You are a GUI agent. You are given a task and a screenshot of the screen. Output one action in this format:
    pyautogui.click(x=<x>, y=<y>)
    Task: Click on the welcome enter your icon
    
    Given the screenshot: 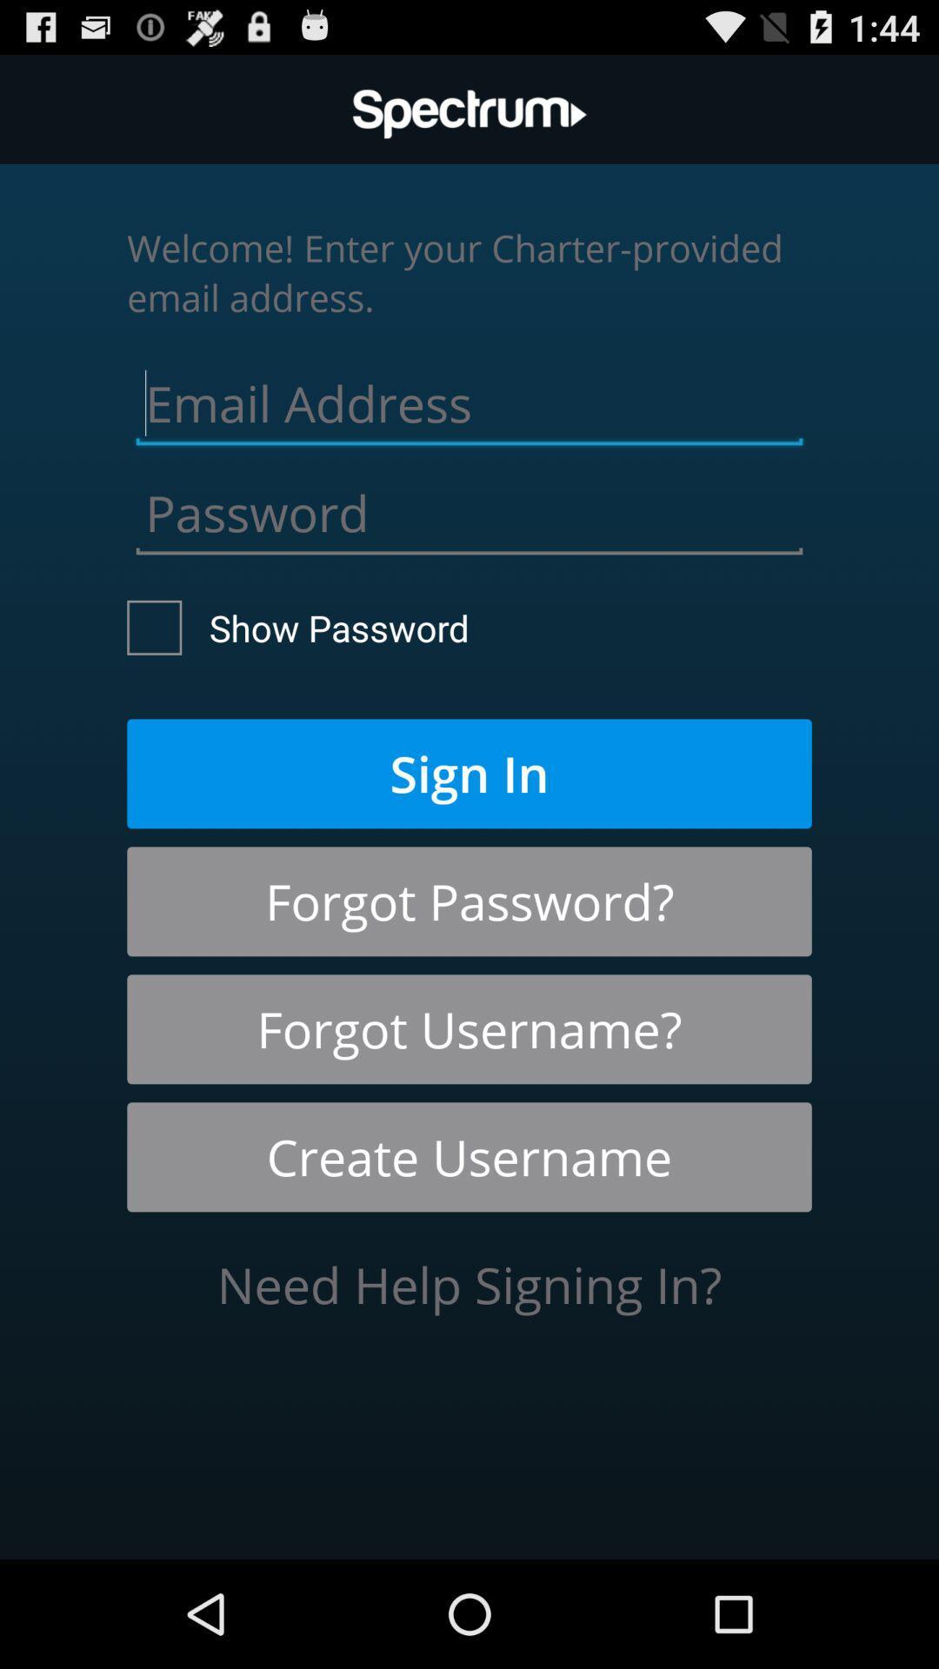 What is the action you would take?
    pyautogui.click(x=469, y=271)
    